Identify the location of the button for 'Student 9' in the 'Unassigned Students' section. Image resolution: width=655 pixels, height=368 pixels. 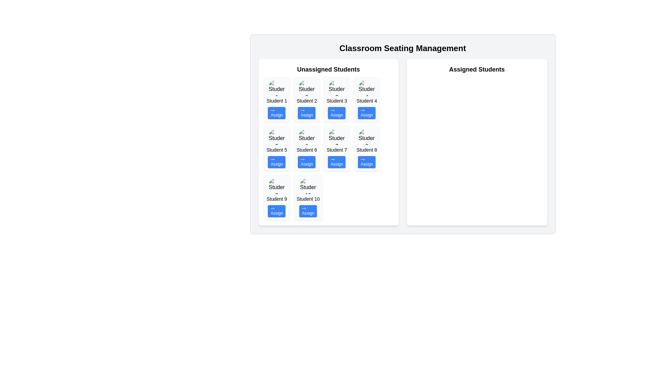
(277, 211).